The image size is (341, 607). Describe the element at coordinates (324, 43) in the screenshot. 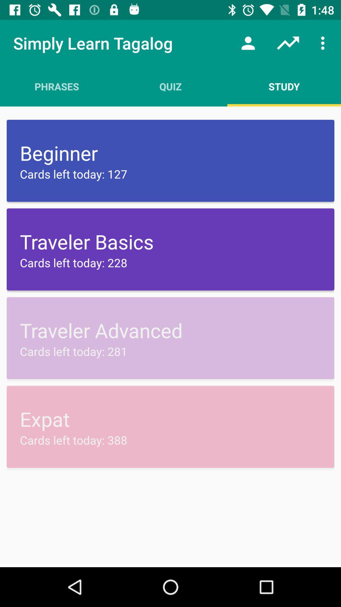

I see `icon above study icon` at that location.